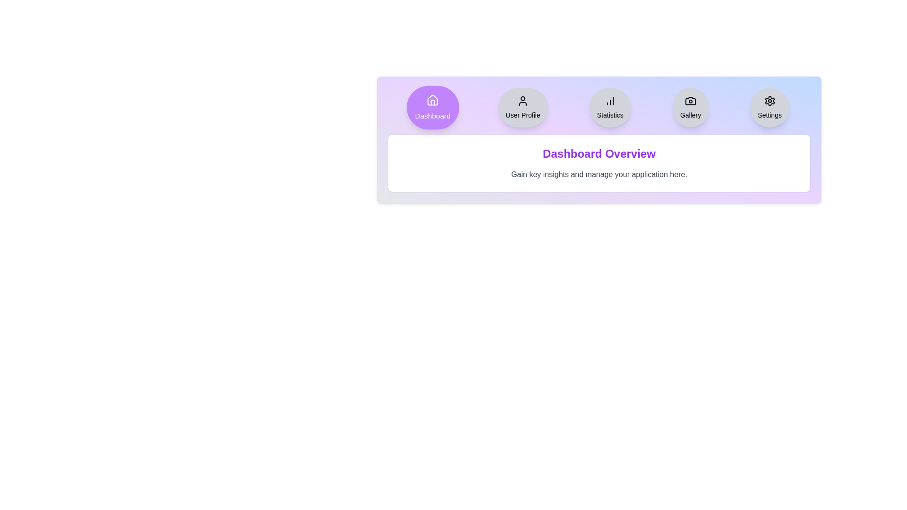  Describe the element at coordinates (691, 101) in the screenshot. I see `the camera icon, which is a stylized icon with a rectangular body and a protruding lens, located within the 'Gallery' button in the top navigation bar` at that location.